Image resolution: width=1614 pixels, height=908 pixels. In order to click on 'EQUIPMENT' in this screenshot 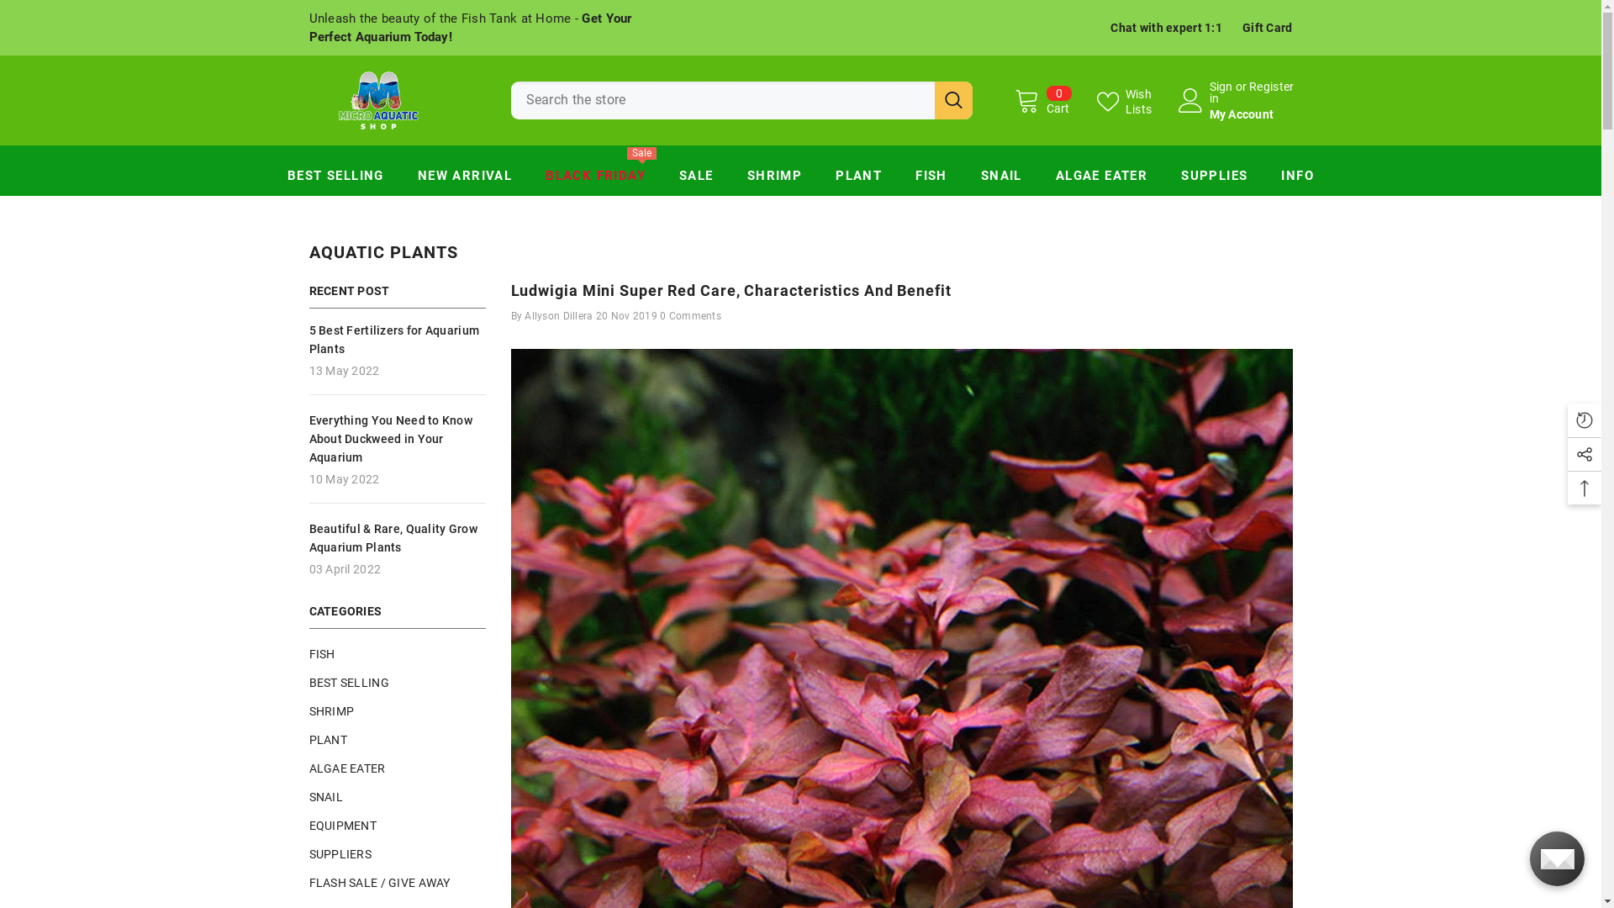, I will do `click(309, 823)`.